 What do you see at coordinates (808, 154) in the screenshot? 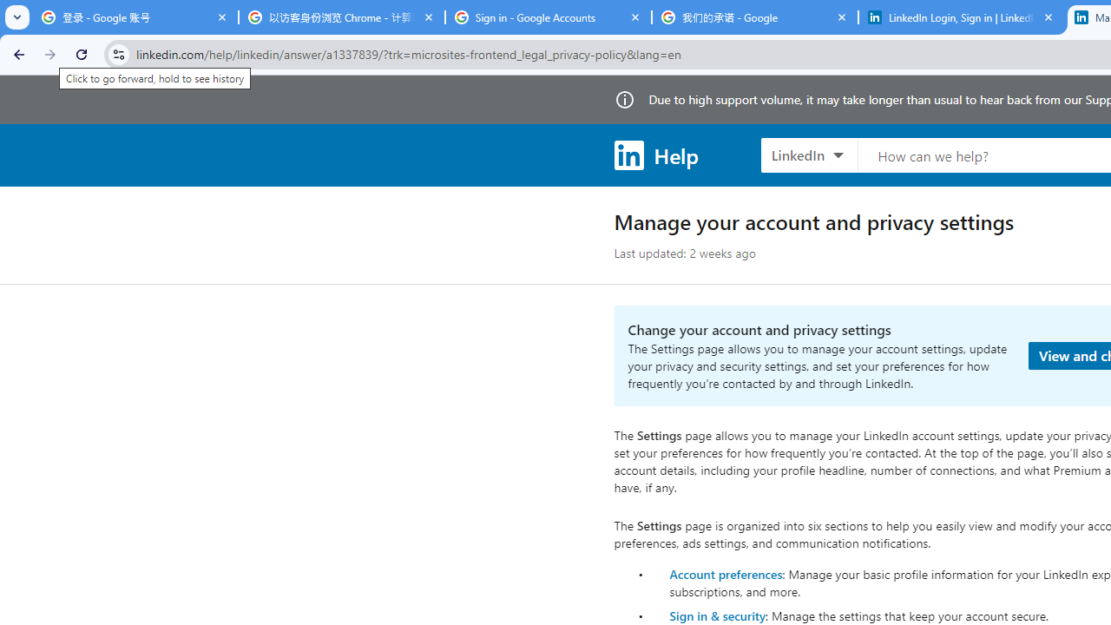
I see `'LinkedIn products to search, LinkedIn selected'` at bounding box center [808, 154].